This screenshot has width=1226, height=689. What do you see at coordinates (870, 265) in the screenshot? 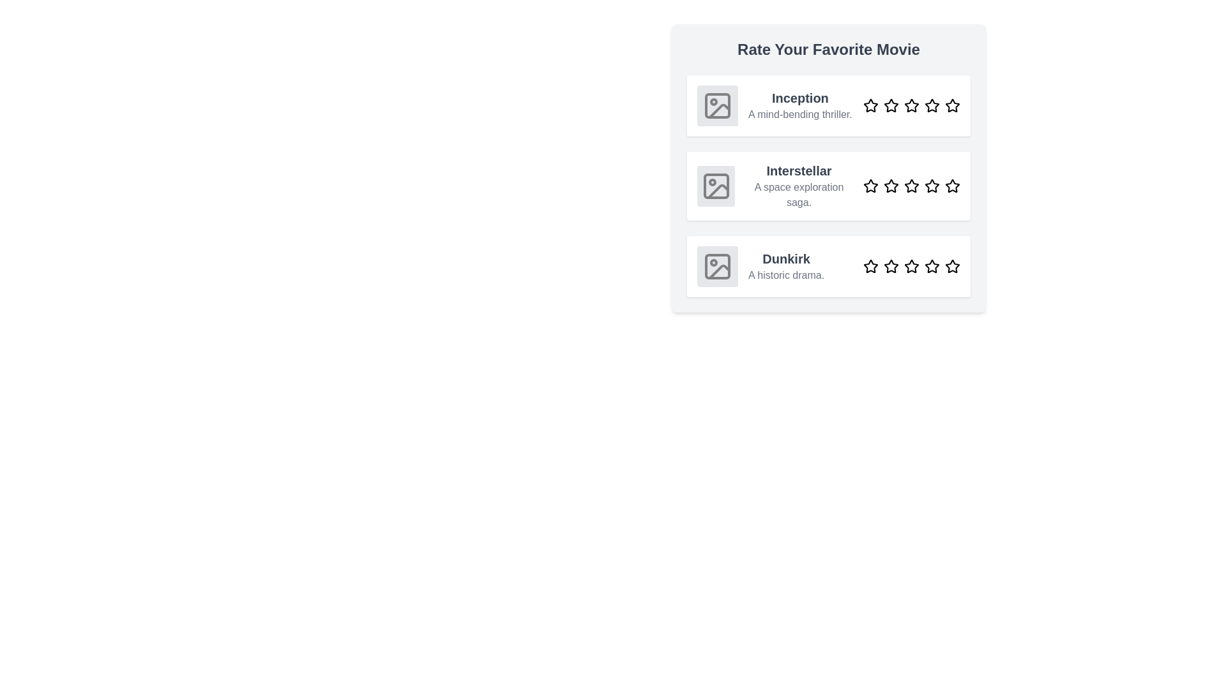
I see `the first interactive rating star for the movie 'Dunkirk' to rate it` at bounding box center [870, 265].